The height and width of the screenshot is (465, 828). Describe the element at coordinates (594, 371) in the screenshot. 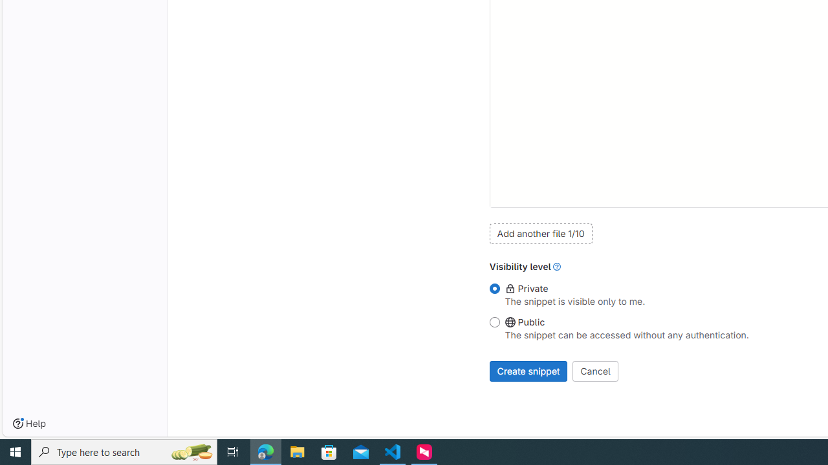

I see `'Cancel'` at that location.